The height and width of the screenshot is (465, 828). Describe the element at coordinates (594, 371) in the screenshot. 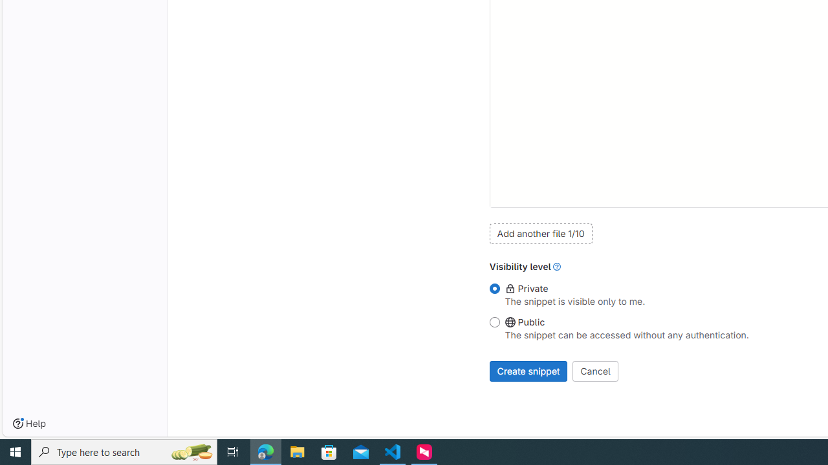

I see `'Cancel'` at that location.